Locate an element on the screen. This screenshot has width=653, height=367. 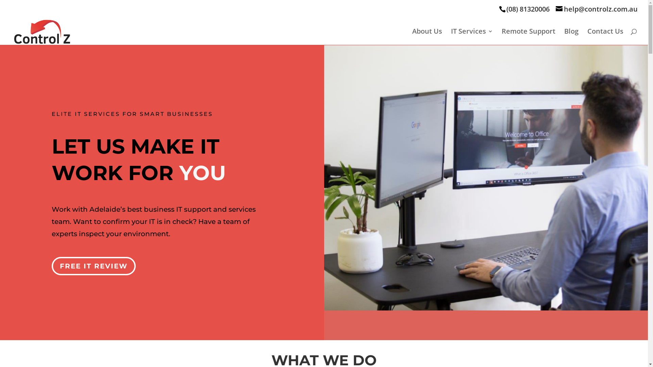
'FREE IT REVIEW' is located at coordinates (93, 266).